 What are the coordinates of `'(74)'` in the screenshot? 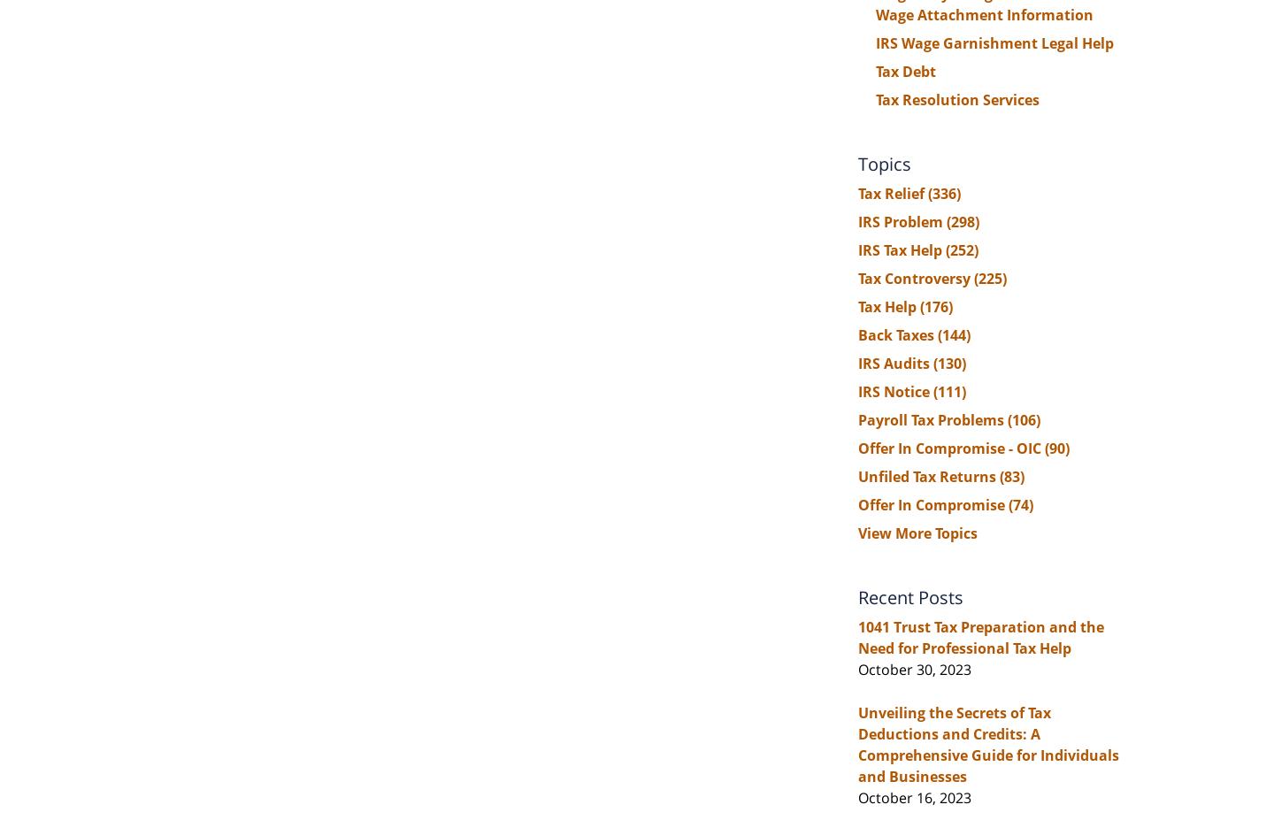 It's located at (1021, 504).